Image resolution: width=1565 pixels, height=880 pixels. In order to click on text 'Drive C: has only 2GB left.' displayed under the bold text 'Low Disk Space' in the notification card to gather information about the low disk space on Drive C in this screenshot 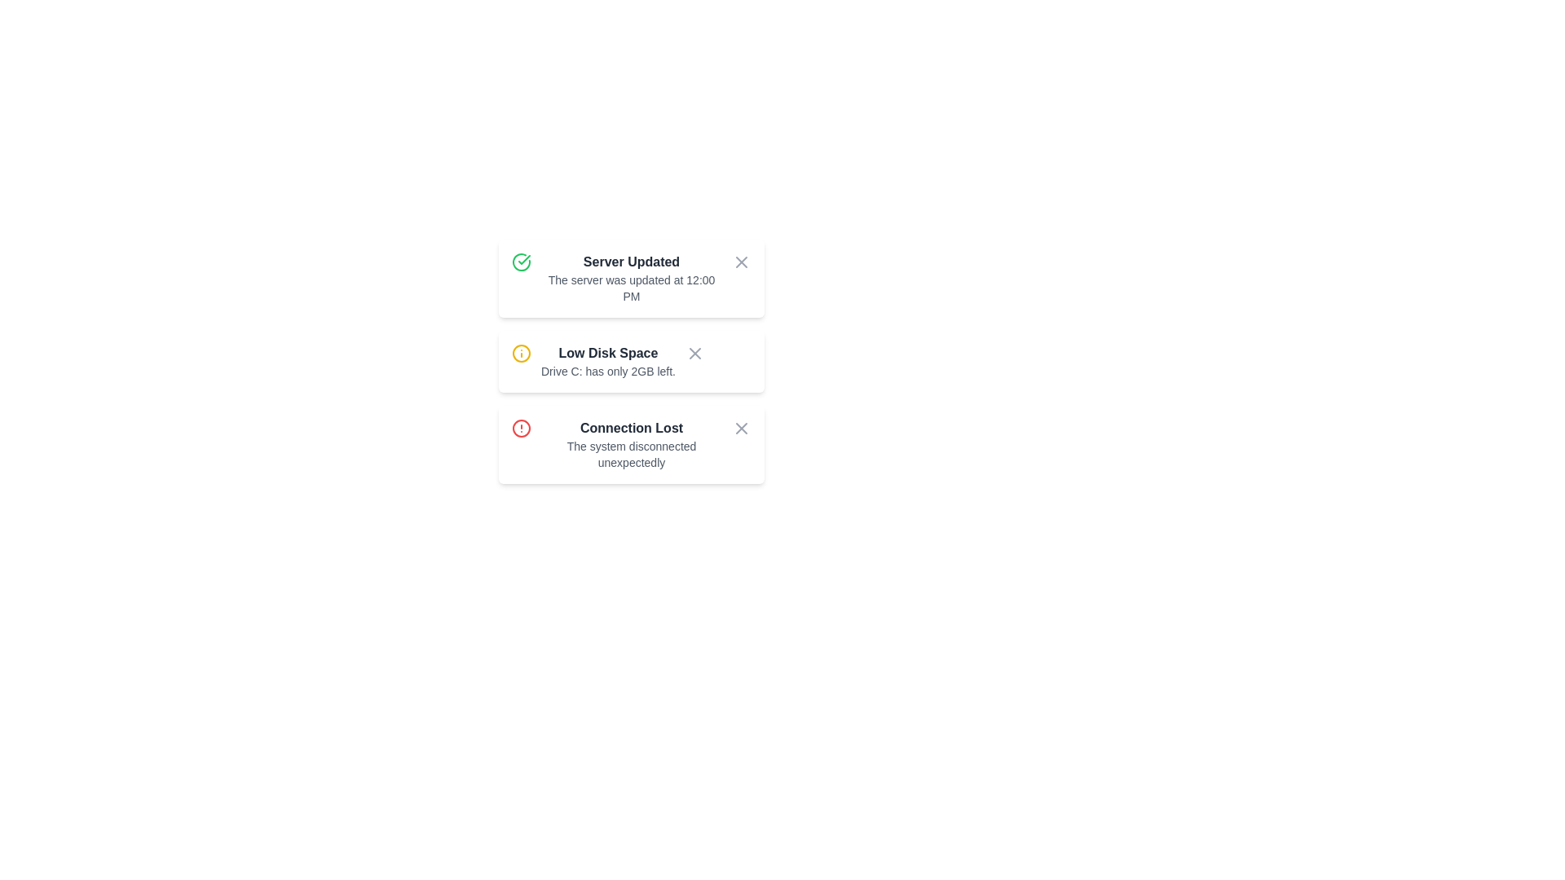, I will do `click(607, 371)`.